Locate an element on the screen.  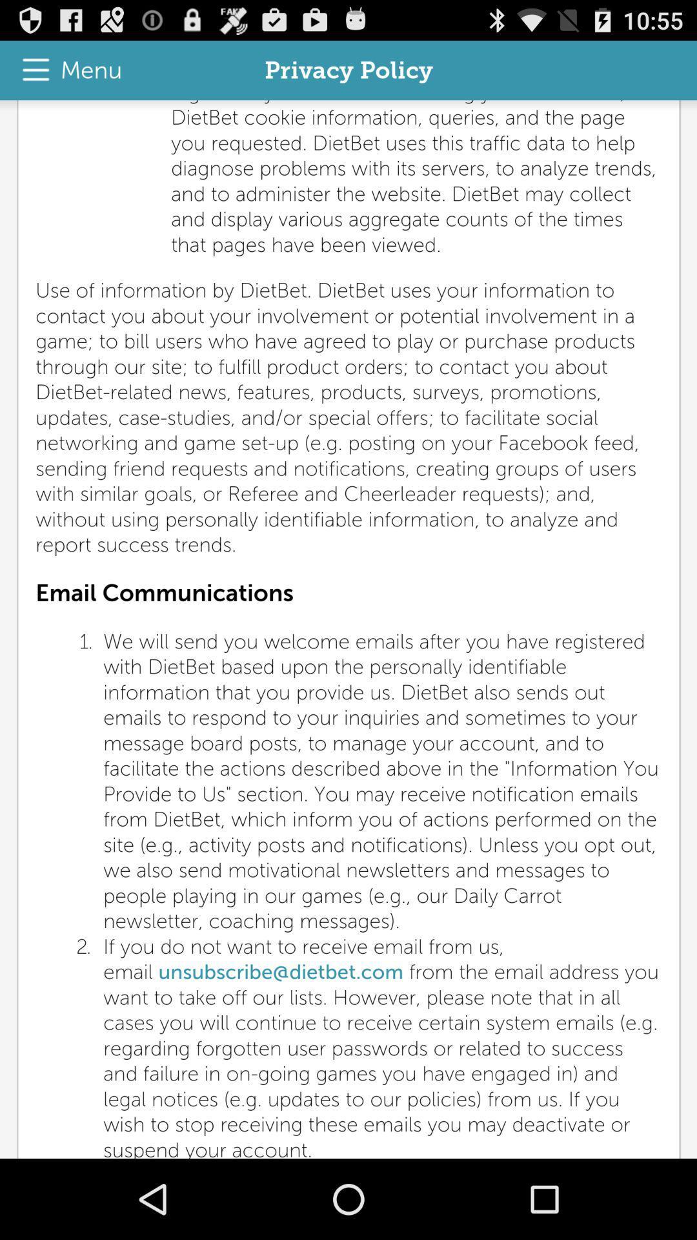
privacy policy is located at coordinates (348, 629).